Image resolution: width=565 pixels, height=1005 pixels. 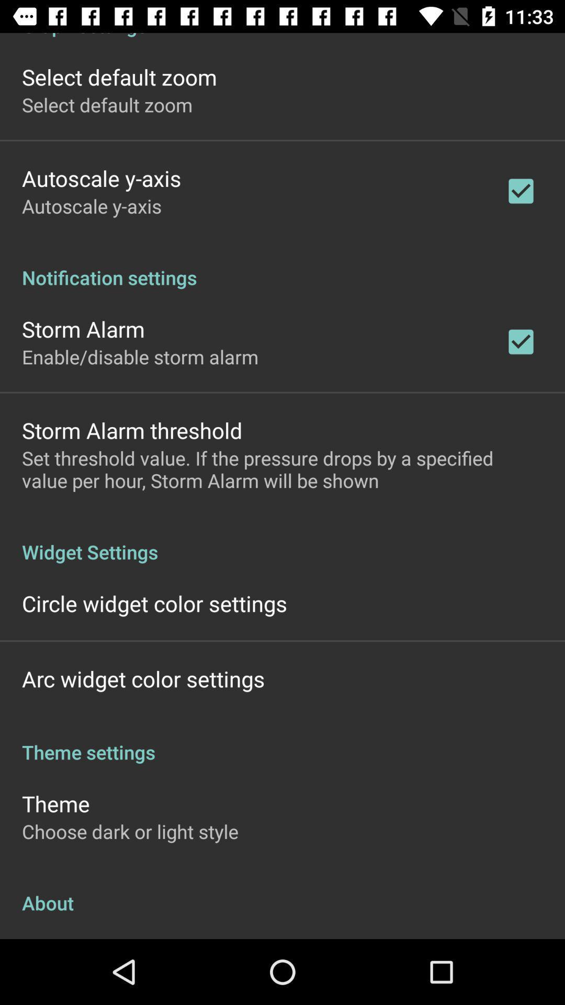 I want to click on set threshold value icon, so click(x=282, y=468).